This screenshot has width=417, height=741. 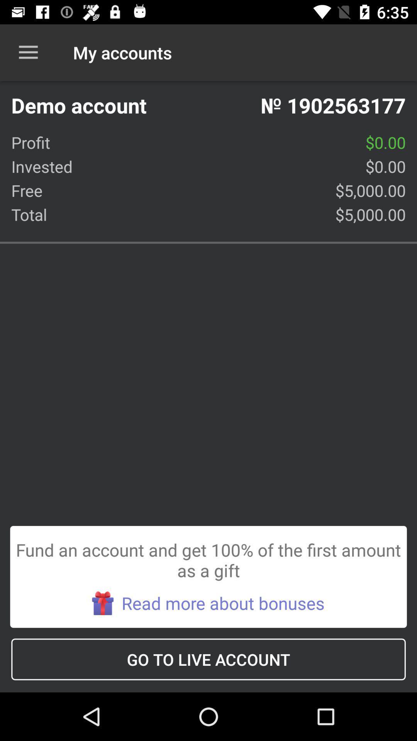 What do you see at coordinates (208, 659) in the screenshot?
I see `the go to live icon` at bounding box center [208, 659].